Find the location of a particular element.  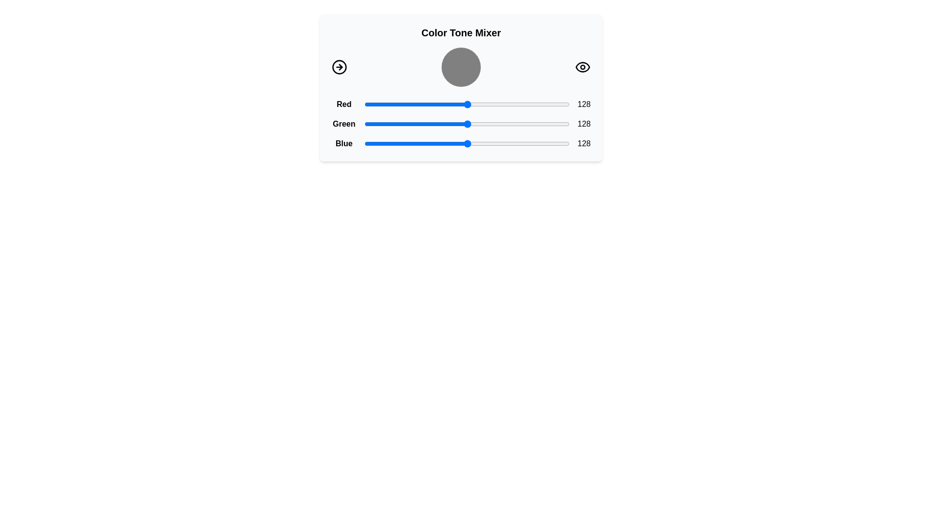

the green color intensity is located at coordinates (559, 124).